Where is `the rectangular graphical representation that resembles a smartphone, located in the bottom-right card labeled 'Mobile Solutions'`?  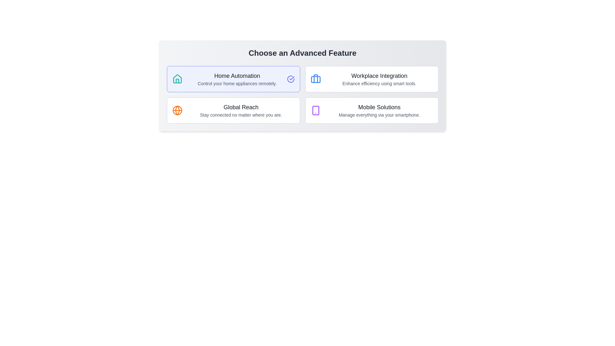
the rectangular graphical representation that resembles a smartphone, located in the bottom-right card labeled 'Mobile Solutions' is located at coordinates (316, 110).